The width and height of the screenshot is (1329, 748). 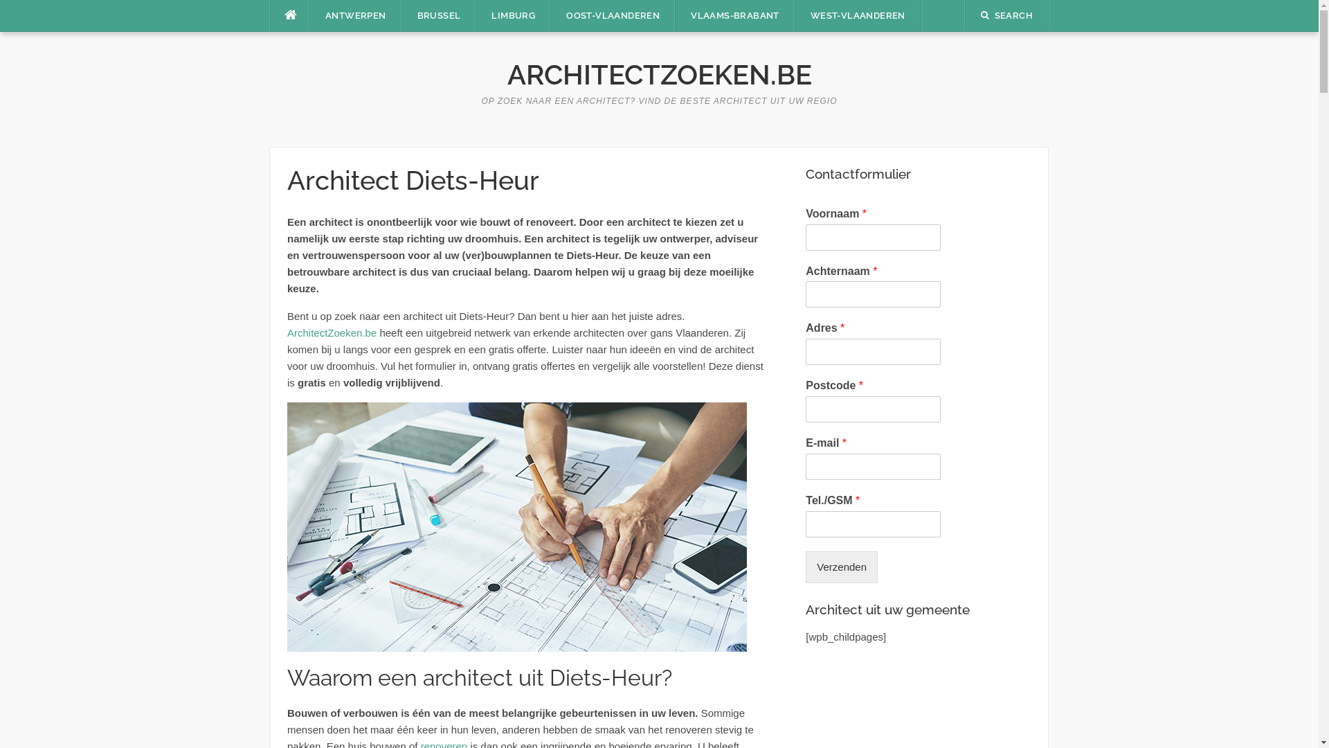 I want to click on 'WEST-VLAANDEREN', so click(x=857, y=16).